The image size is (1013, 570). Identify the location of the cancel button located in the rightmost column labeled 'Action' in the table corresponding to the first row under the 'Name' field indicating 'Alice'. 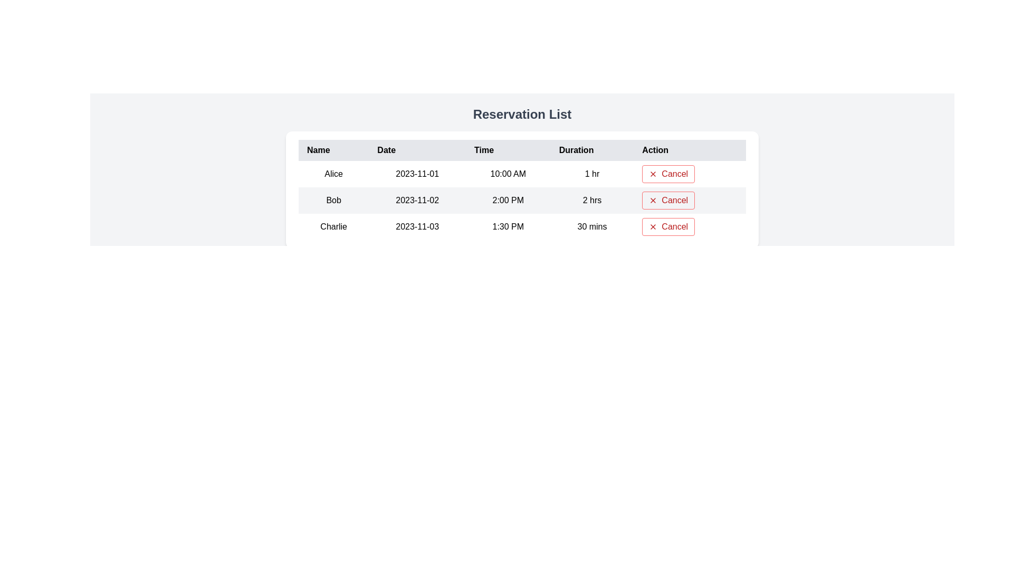
(668, 174).